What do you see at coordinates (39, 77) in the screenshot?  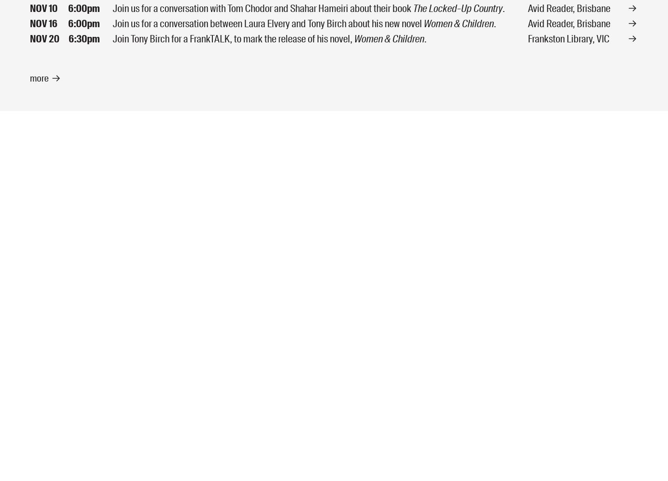 I see `'more'` at bounding box center [39, 77].